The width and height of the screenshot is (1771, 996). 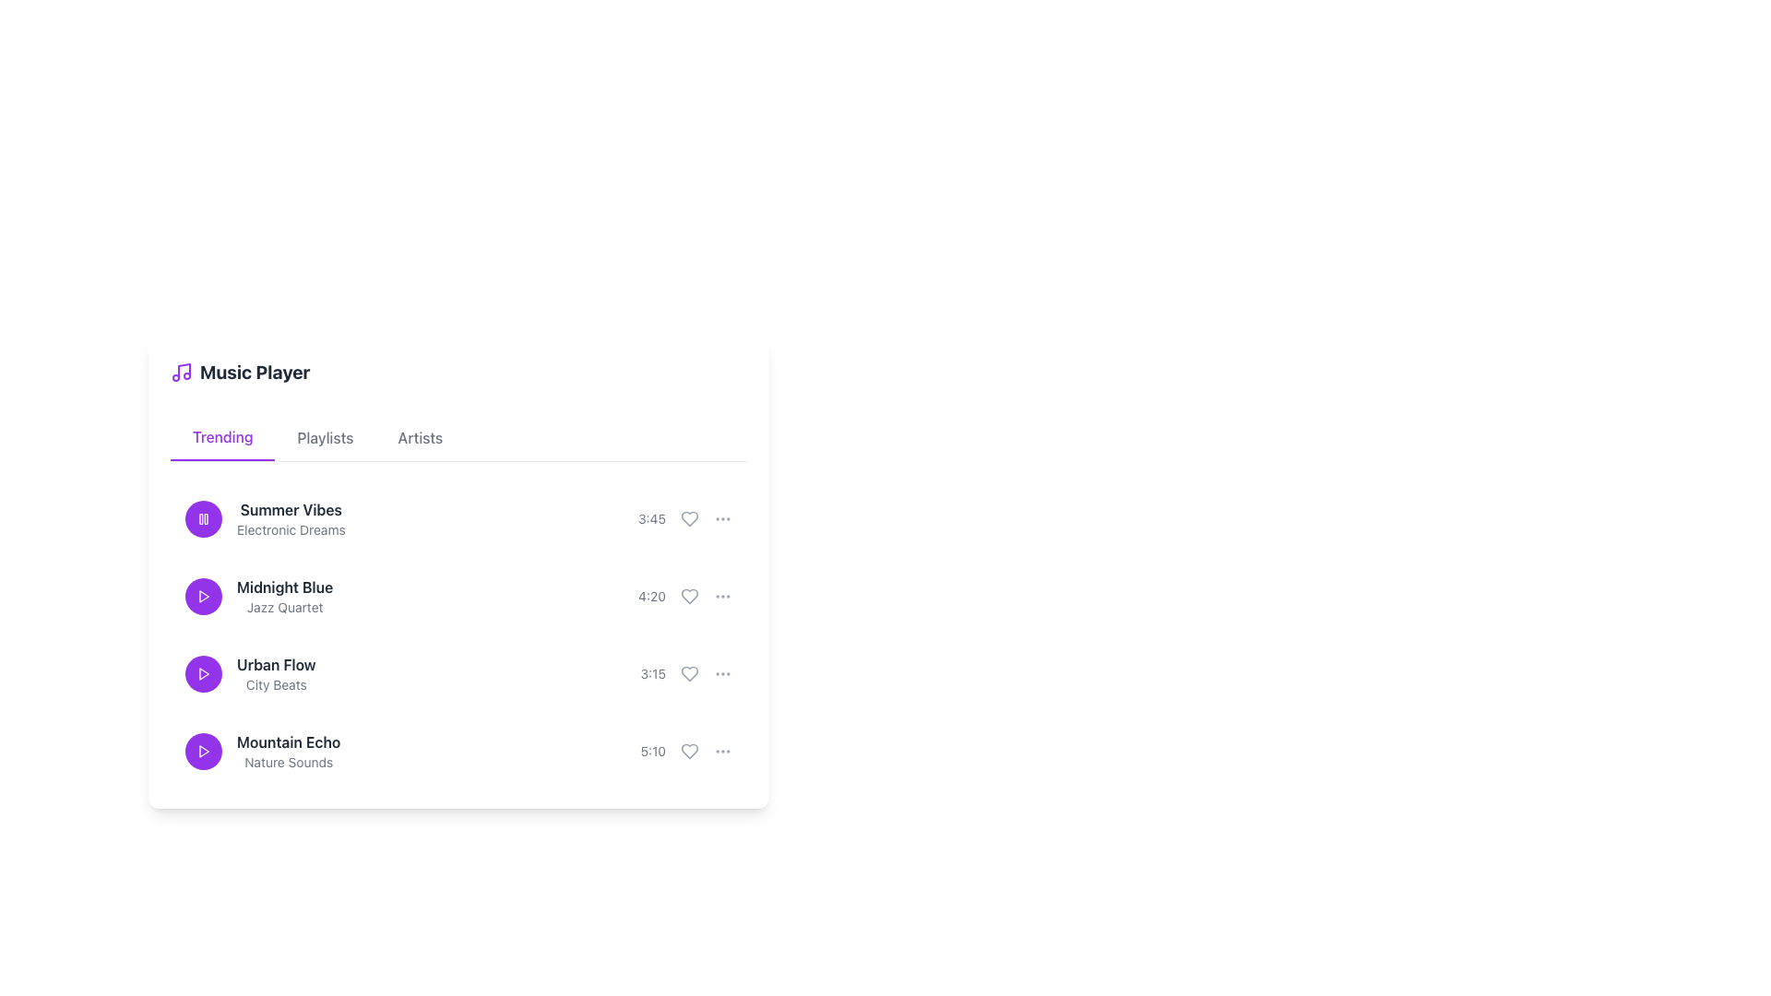 I want to click on the circular button with a purple background and a white play icon located in the leftmost area of the 'Urban Flow' list item for keyboard interactions, so click(x=203, y=674).